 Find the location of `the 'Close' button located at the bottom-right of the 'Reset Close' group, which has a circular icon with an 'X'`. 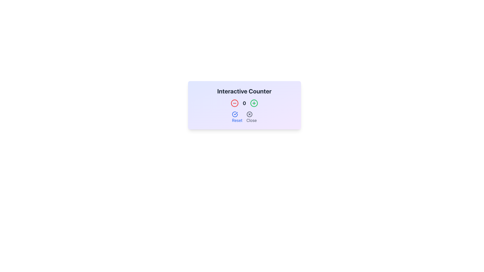

the 'Close' button located at the bottom-right of the 'Reset Close' group, which has a circular icon with an 'X' is located at coordinates (252, 117).